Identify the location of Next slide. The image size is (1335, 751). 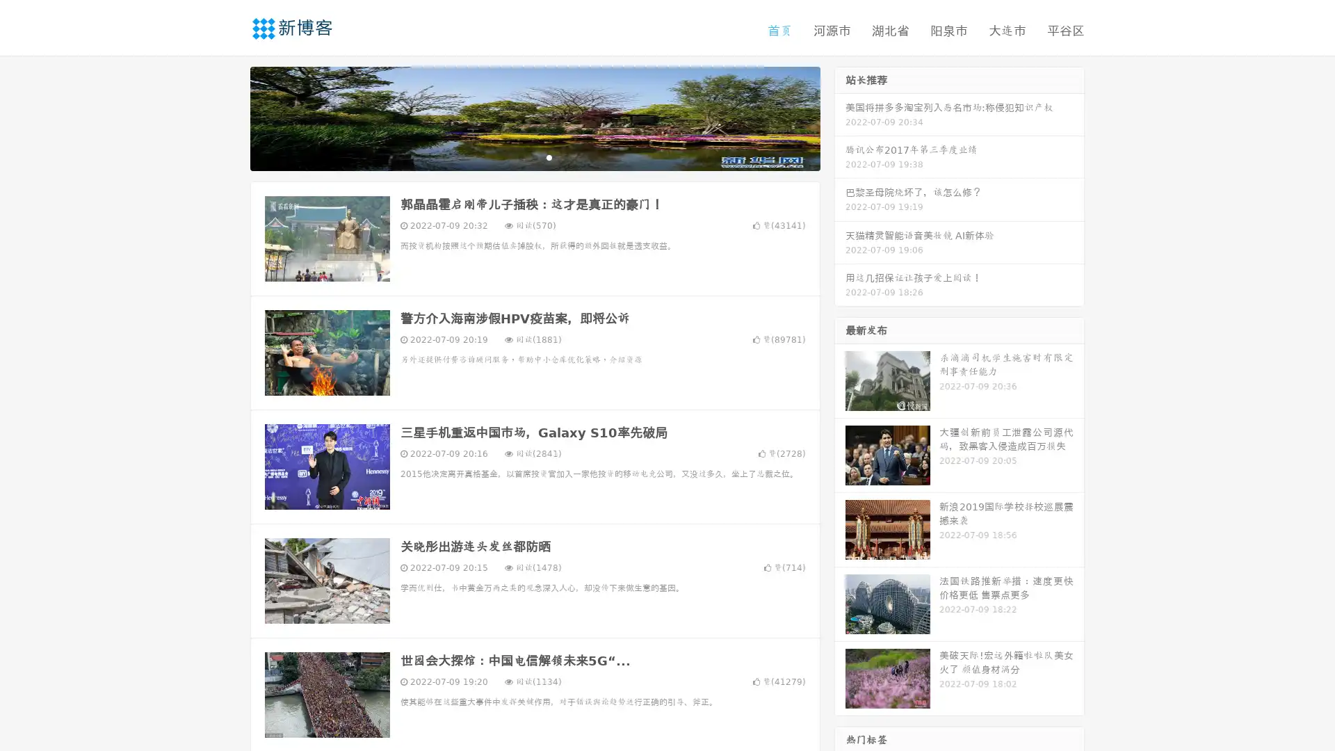
(840, 117).